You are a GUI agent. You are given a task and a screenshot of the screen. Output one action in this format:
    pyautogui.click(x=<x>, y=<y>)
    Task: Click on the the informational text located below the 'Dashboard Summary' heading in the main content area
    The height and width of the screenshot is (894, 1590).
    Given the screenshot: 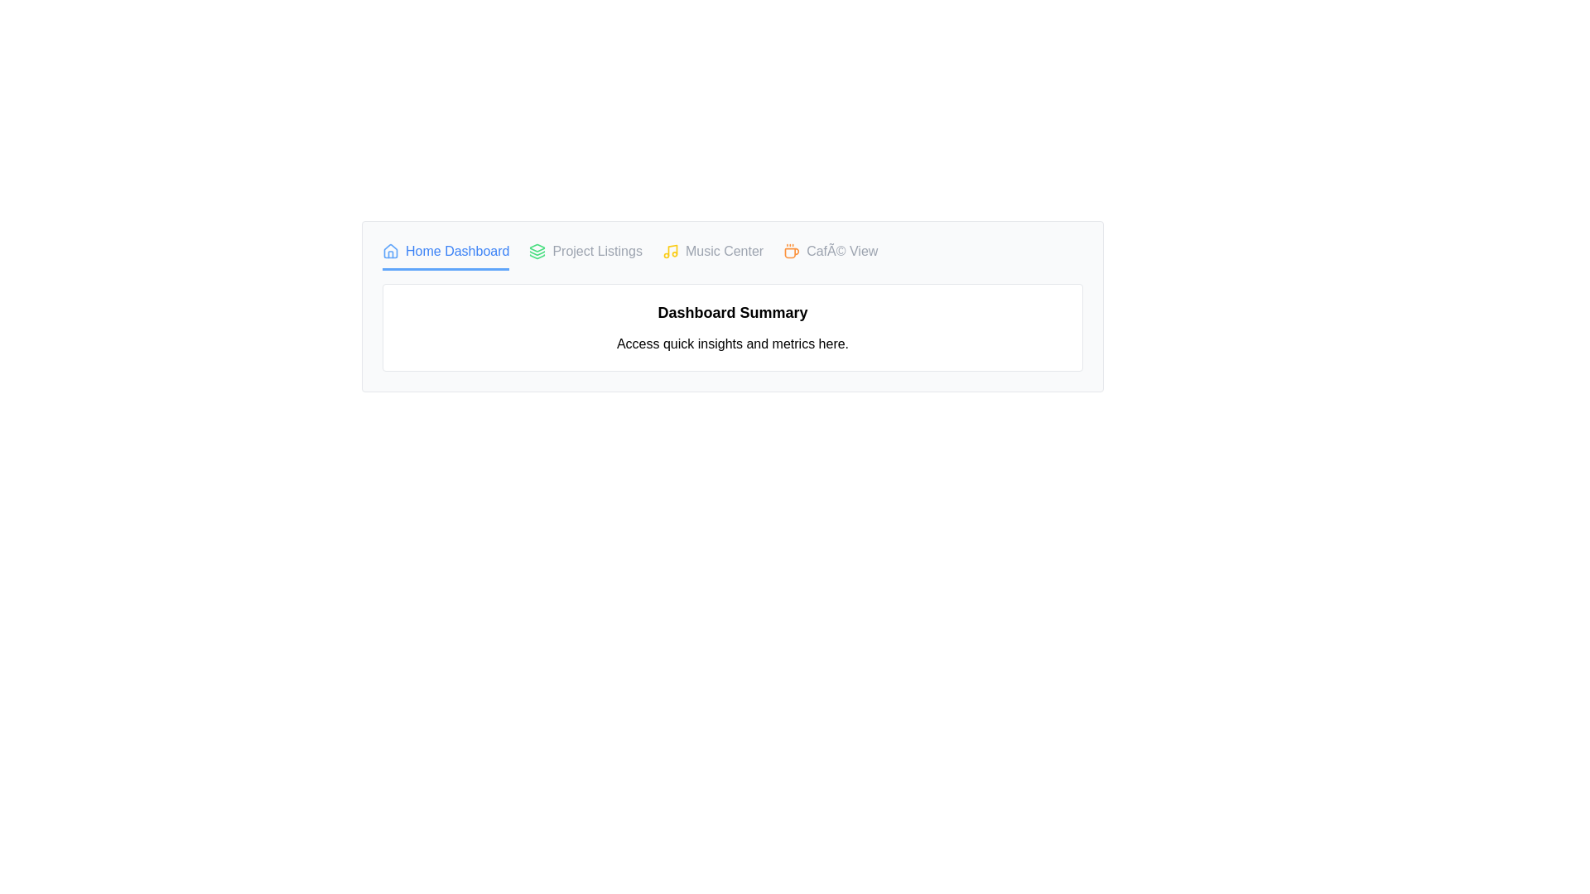 What is the action you would take?
    pyautogui.click(x=731, y=344)
    